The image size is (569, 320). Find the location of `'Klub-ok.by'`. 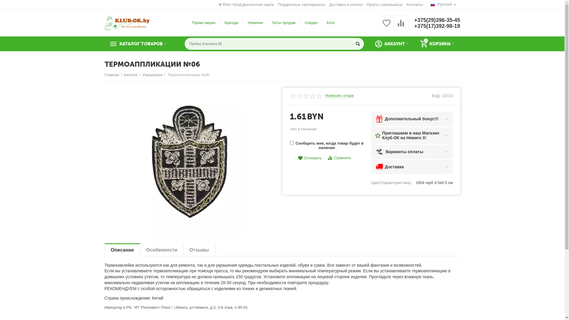

'Klub-ok.by' is located at coordinates (127, 22).